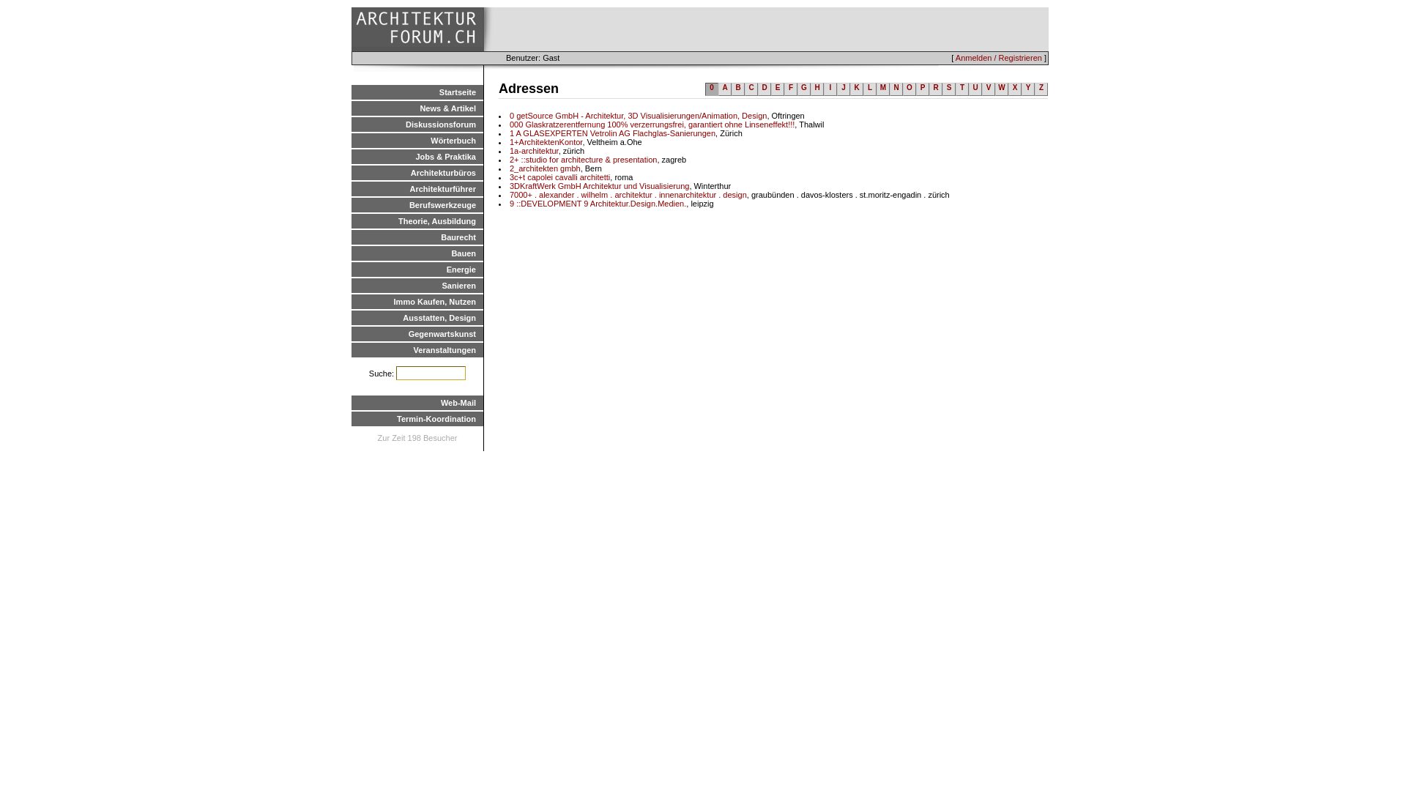 The image size is (1406, 791). Describe the element at coordinates (417, 156) in the screenshot. I see `'Jobs & Praktika'` at that location.